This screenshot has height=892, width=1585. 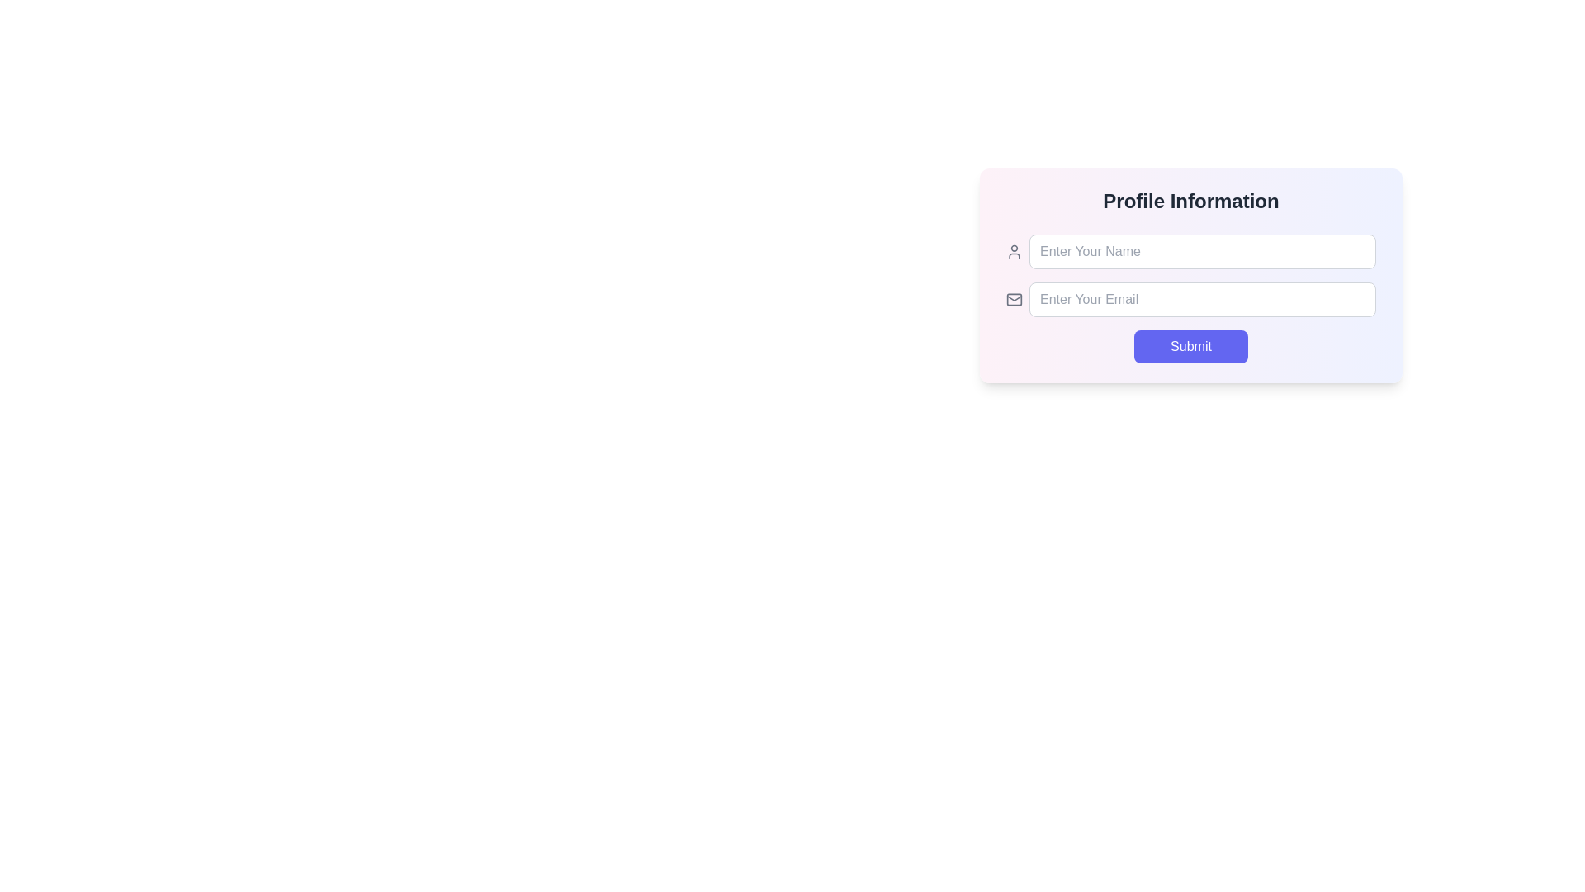 What do you see at coordinates (1191, 360) in the screenshot?
I see `the submit button located below the name and email fields` at bounding box center [1191, 360].